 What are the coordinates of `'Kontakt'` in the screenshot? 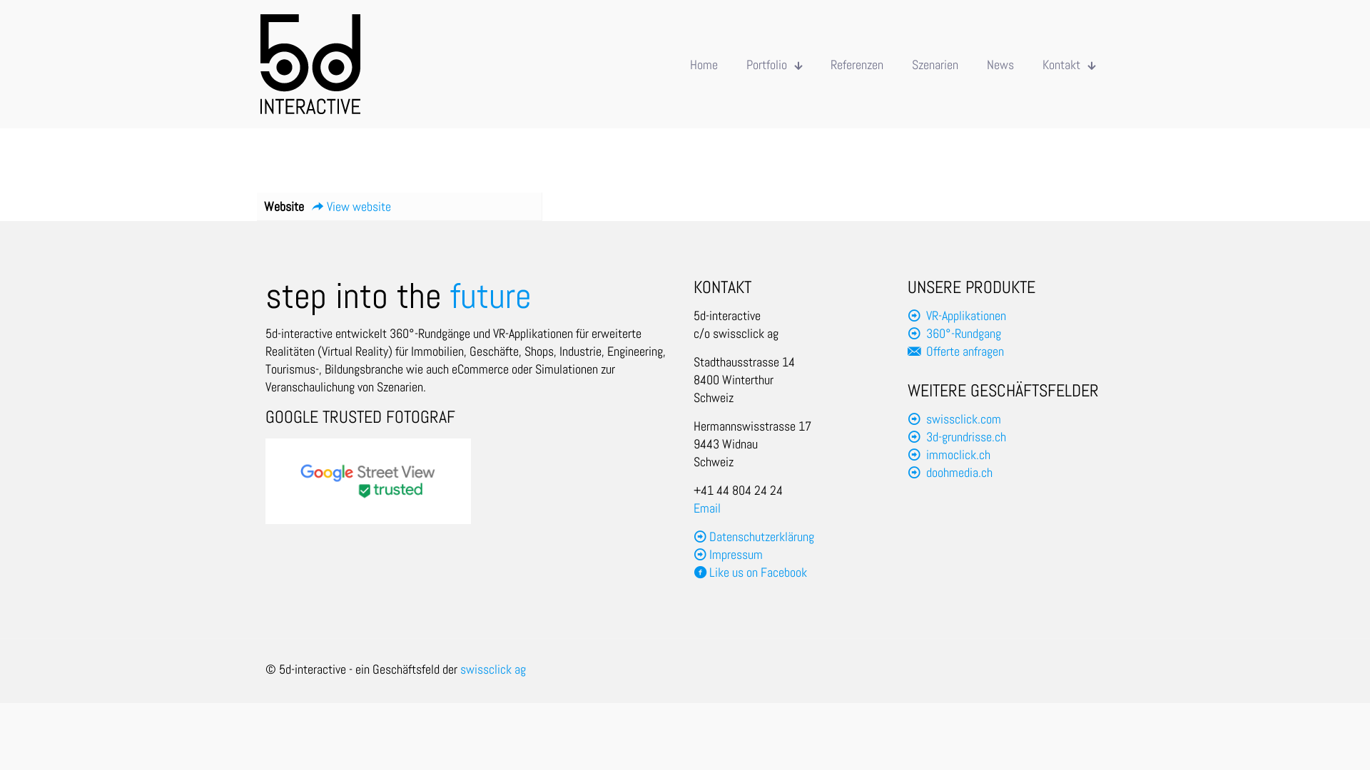 It's located at (1068, 63).